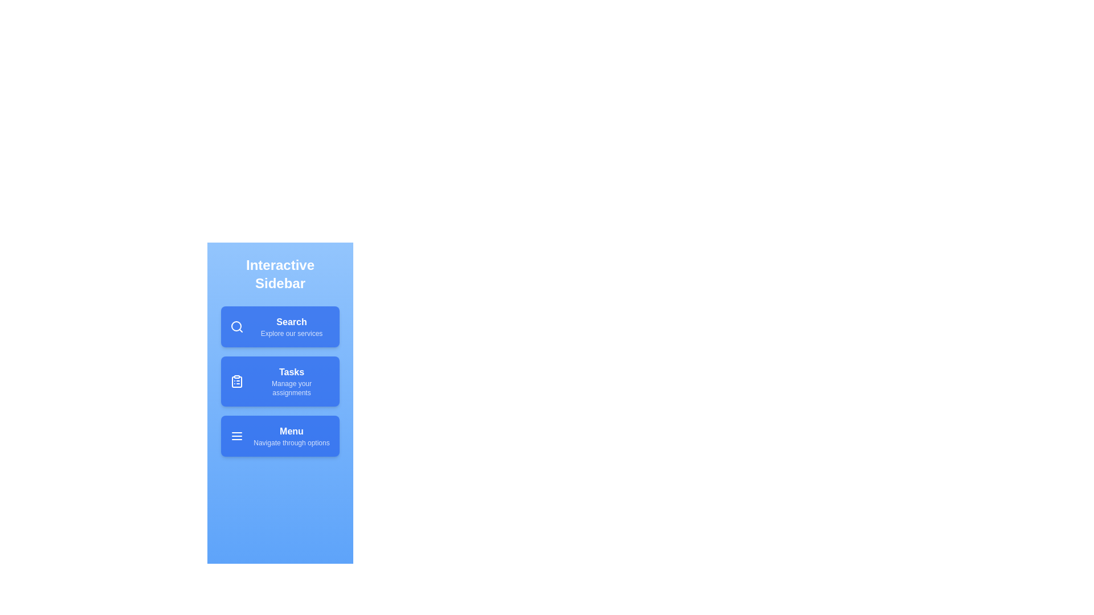  What do you see at coordinates (236, 327) in the screenshot?
I see `the icon of the menu item Search` at bounding box center [236, 327].